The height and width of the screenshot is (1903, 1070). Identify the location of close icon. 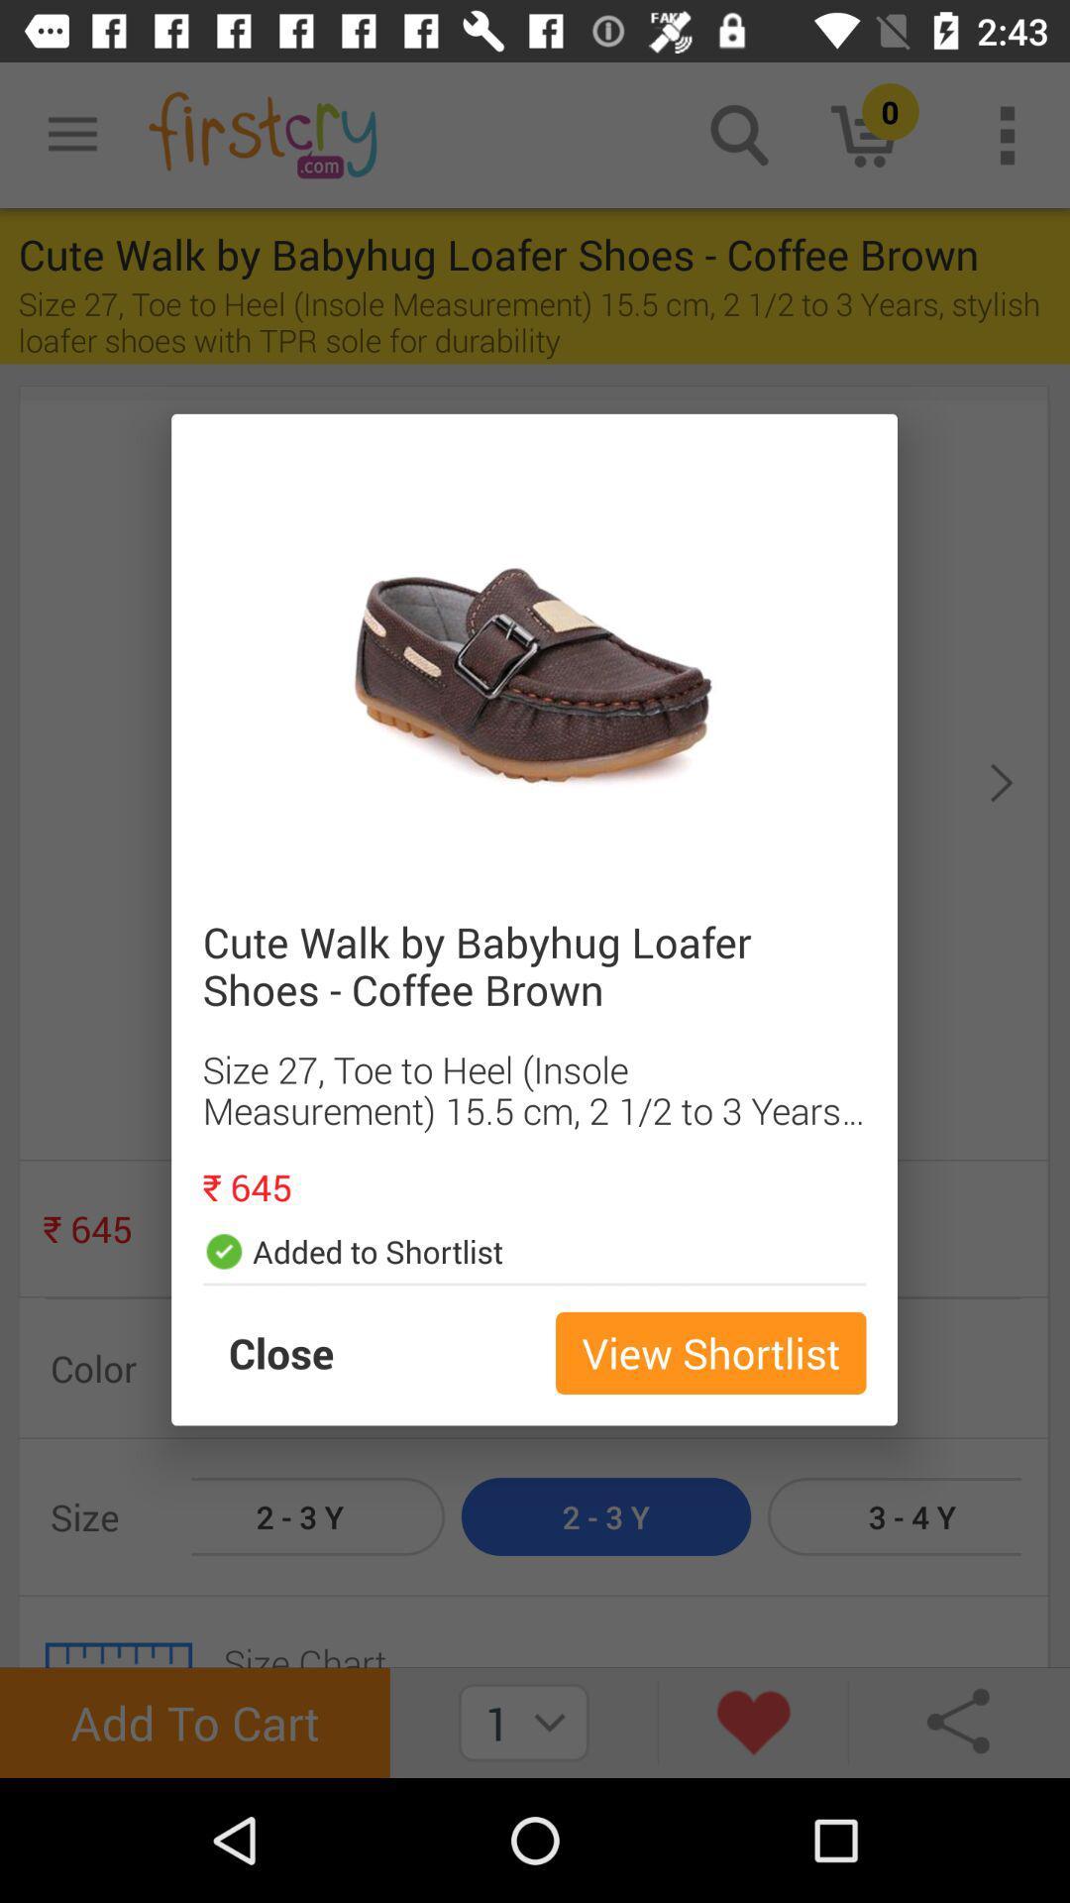
(301, 1352).